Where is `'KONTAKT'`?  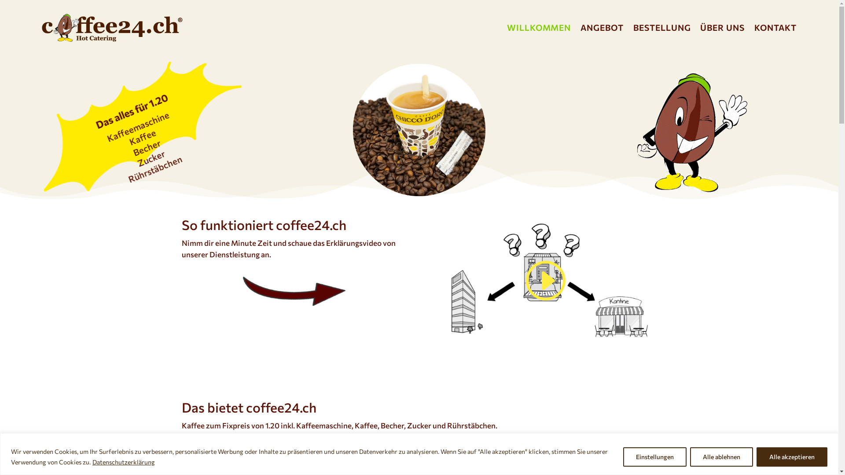 'KONTAKT' is located at coordinates (775, 27).